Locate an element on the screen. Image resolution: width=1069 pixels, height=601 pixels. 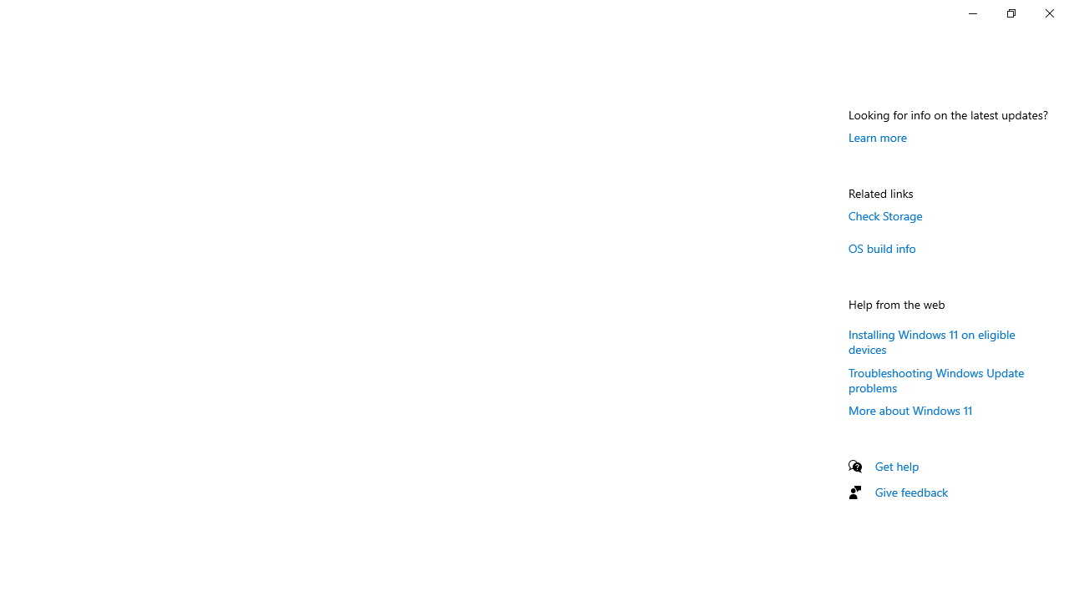
'Close Settings' is located at coordinates (1048, 13).